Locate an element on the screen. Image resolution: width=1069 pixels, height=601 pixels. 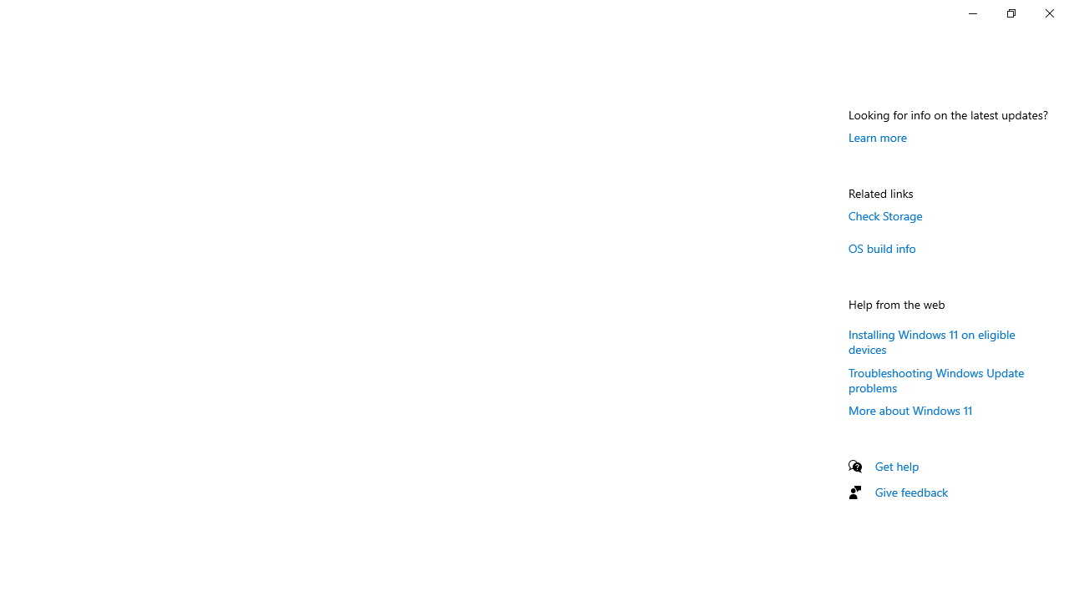
'Close Settings' is located at coordinates (1048, 13).